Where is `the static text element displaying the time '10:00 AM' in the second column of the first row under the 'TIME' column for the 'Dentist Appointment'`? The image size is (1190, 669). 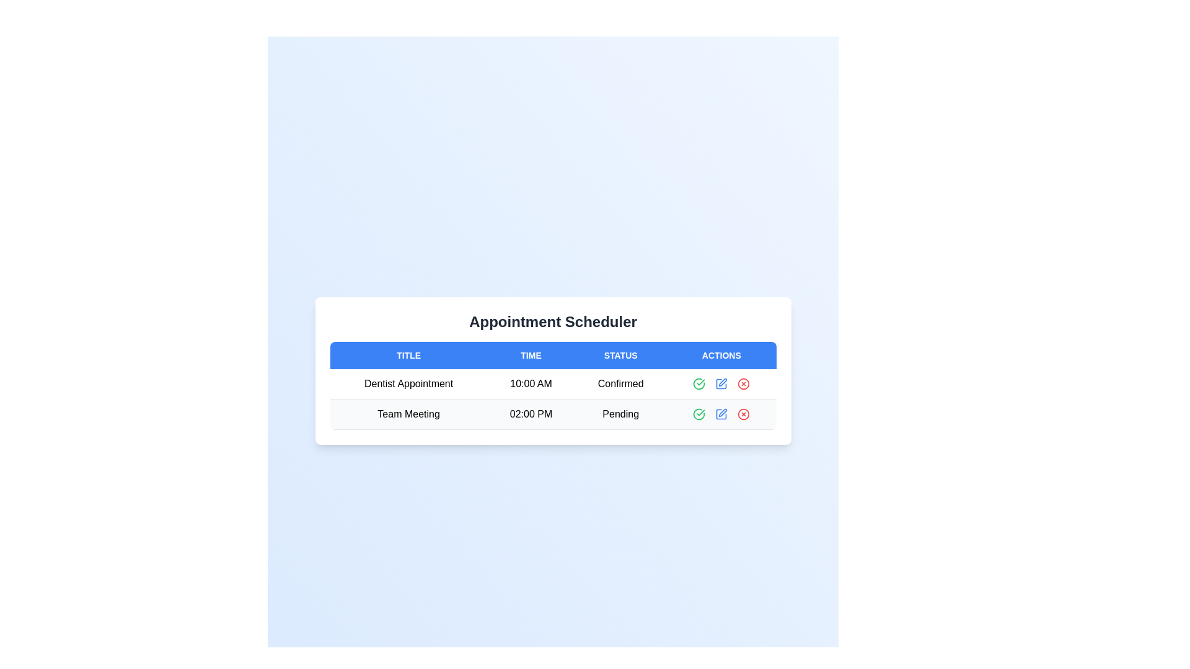 the static text element displaying the time '10:00 AM' in the second column of the first row under the 'TIME' column for the 'Dentist Appointment' is located at coordinates (531, 383).